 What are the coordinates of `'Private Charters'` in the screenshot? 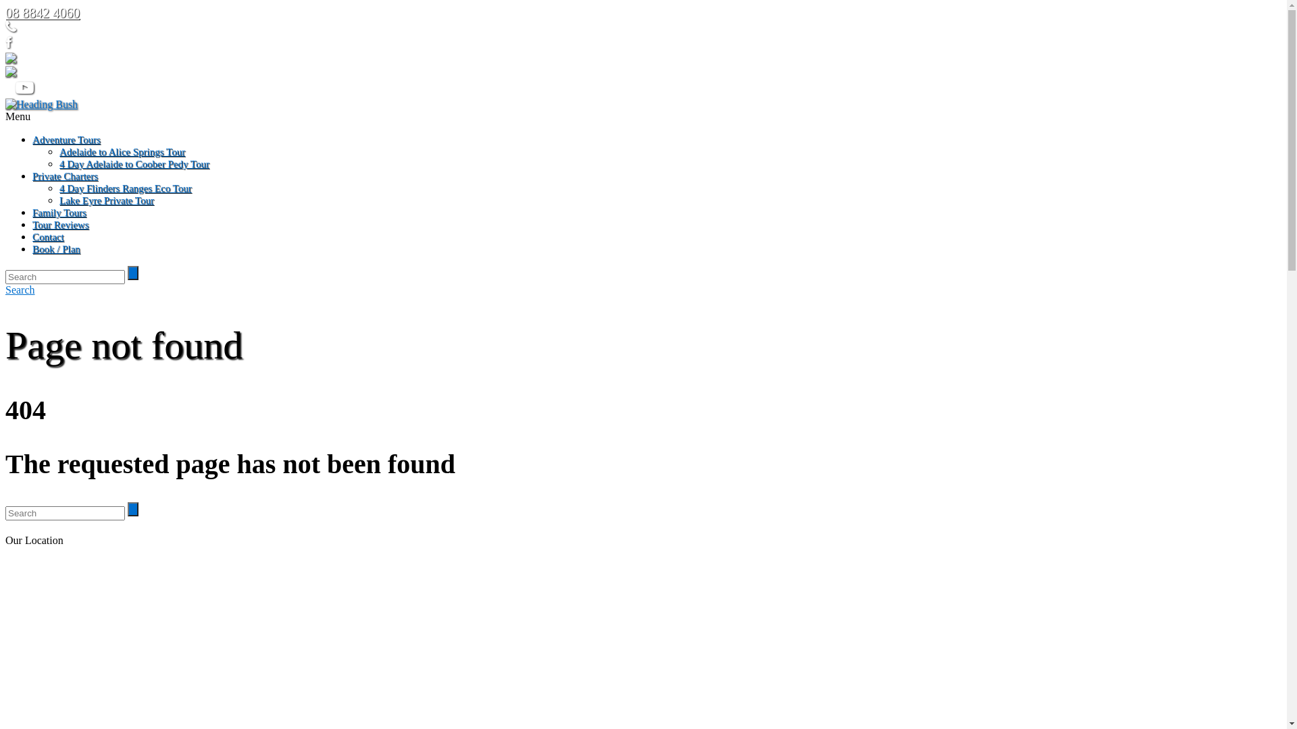 It's located at (64, 175).